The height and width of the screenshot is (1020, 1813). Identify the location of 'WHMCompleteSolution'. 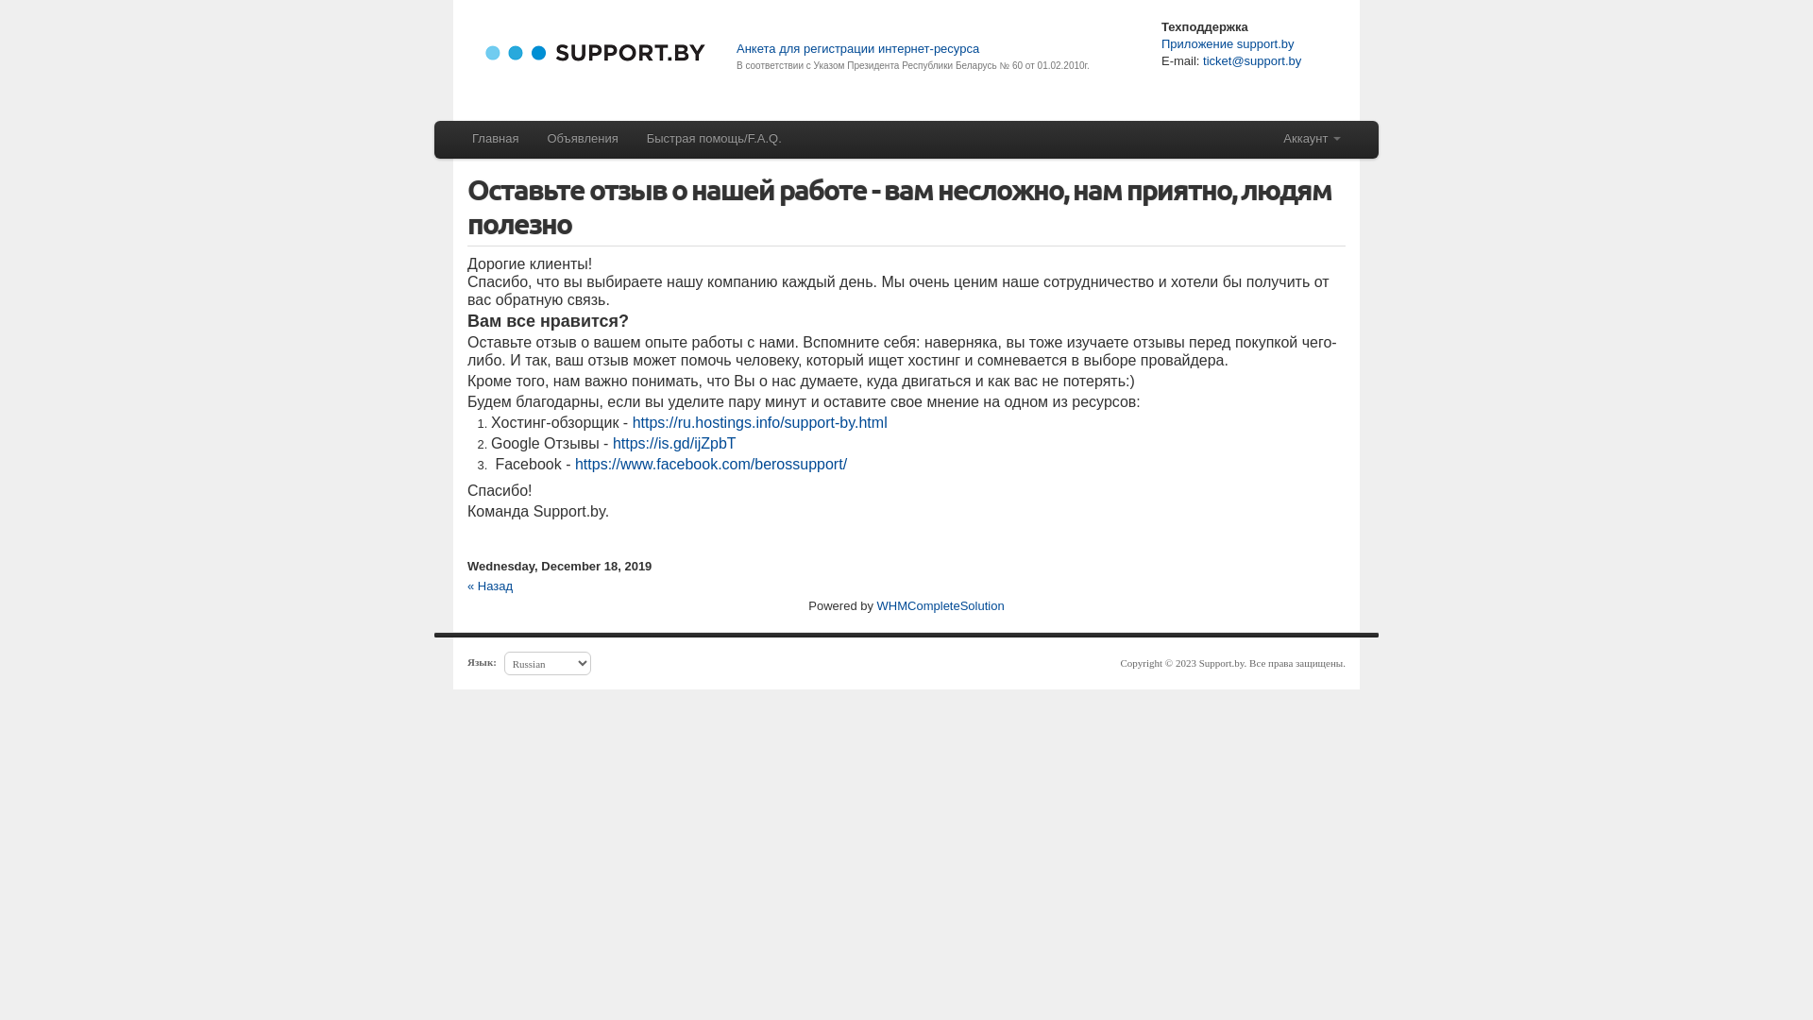
(940, 605).